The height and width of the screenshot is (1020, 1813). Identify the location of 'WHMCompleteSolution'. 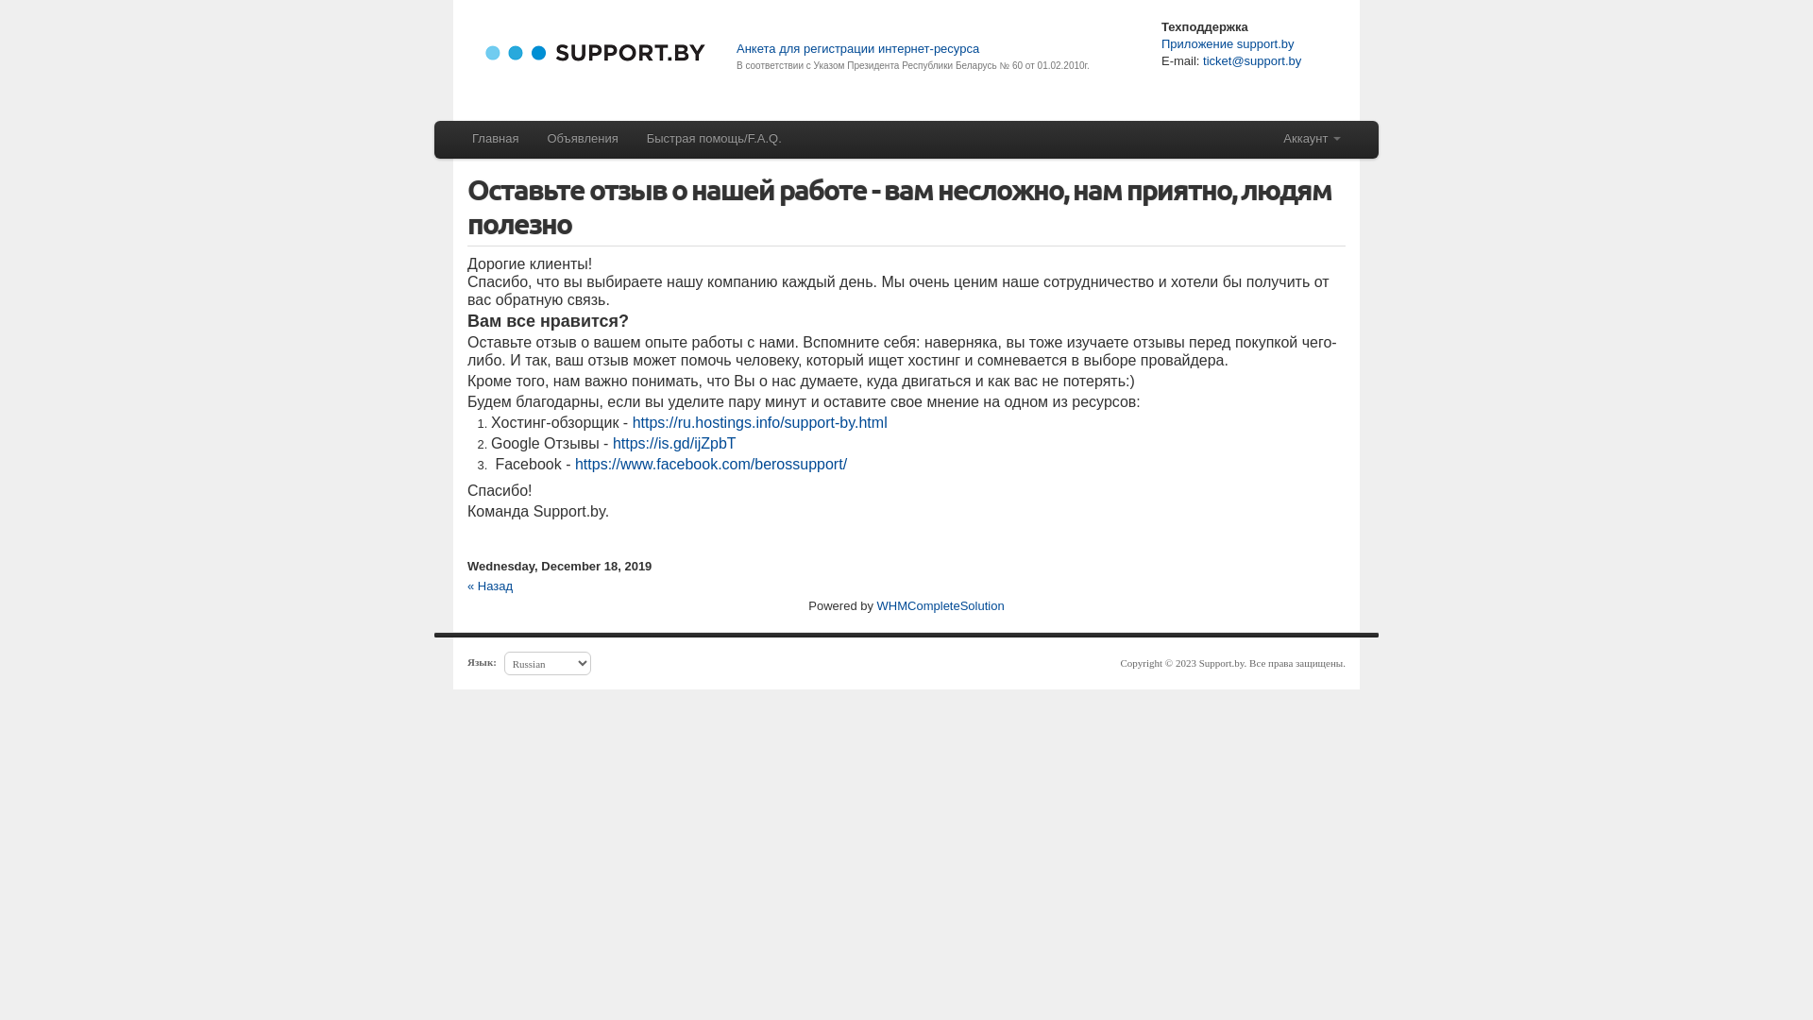
(940, 605).